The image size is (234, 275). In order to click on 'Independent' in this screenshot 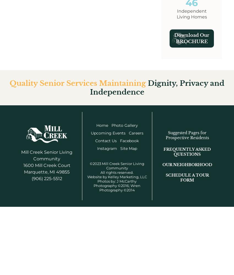, I will do `click(191, 11)`.